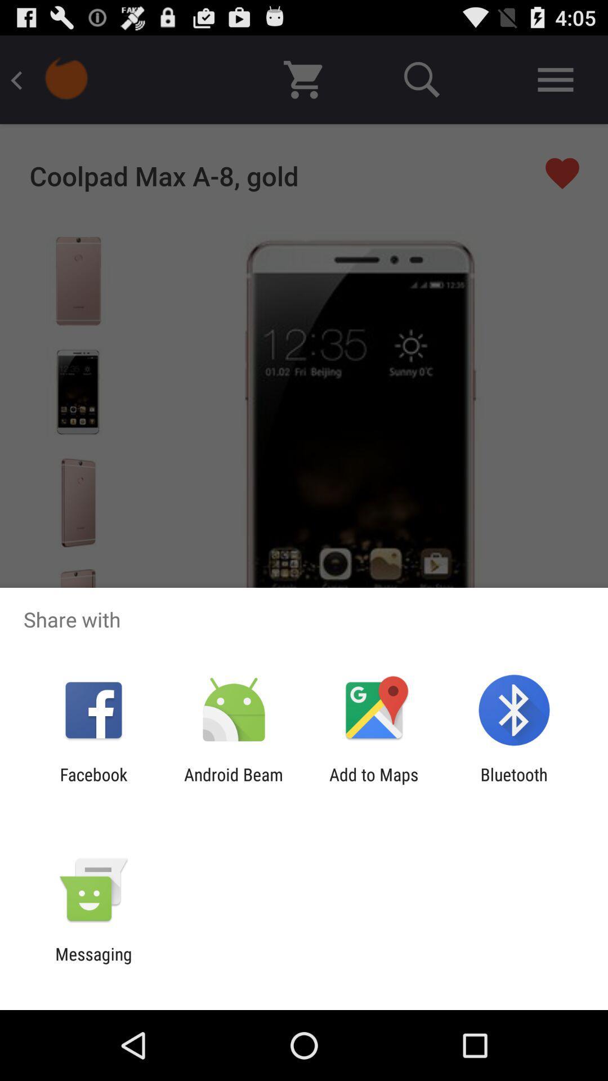 The height and width of the screenshot is (1081, 608). Describe the element at coordinates (374, 784) in the screenshot. I see `icon to the left of the bluetooth item` at that location.